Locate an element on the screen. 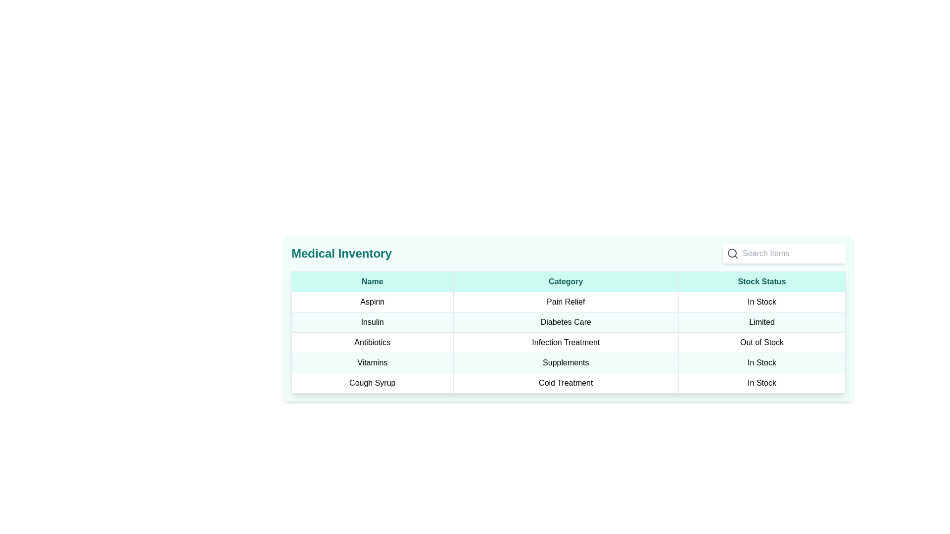 The height and width of the screenshot is (534, 950). the Vector graphic circle representing the 'Search' feature's magnifying glass icon, located in the top-right area of the interface is located at coordinates (732, 253).